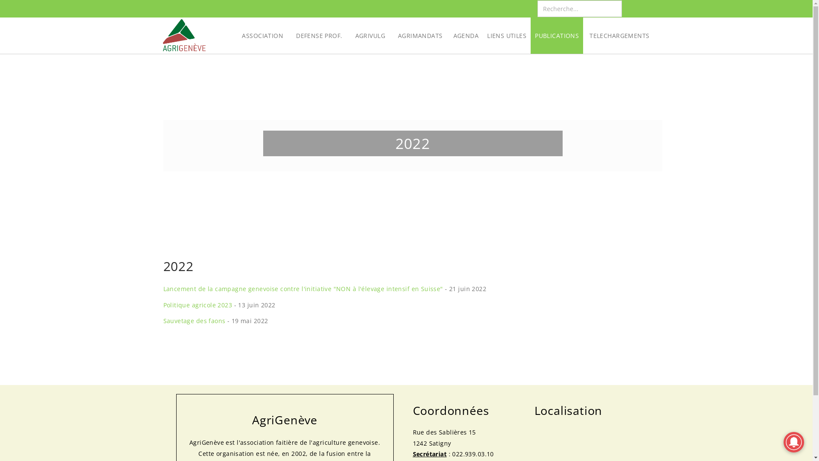 The image size is (819, 461). What do you see at coordinates (448, 35) in the screenshot?
I see `'AGENDA'` at bounding box center [448, 35].